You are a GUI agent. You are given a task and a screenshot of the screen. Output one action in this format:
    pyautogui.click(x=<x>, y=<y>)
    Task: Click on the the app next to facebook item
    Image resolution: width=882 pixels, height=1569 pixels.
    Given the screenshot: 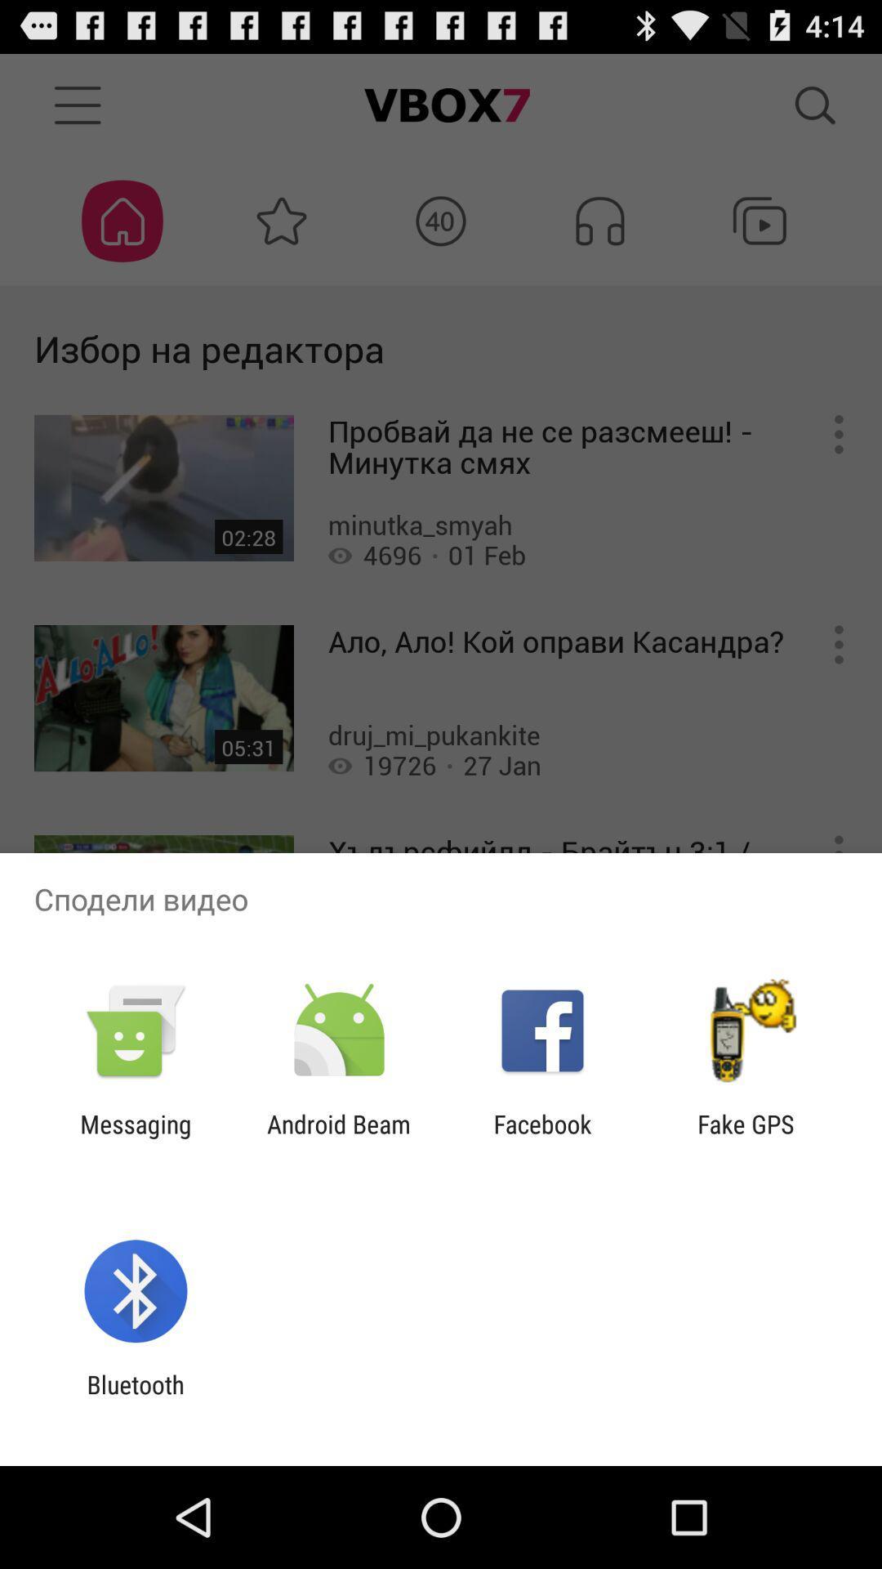 What is the action you would take?
    pyautogui.click(x=338, y=1138)
    